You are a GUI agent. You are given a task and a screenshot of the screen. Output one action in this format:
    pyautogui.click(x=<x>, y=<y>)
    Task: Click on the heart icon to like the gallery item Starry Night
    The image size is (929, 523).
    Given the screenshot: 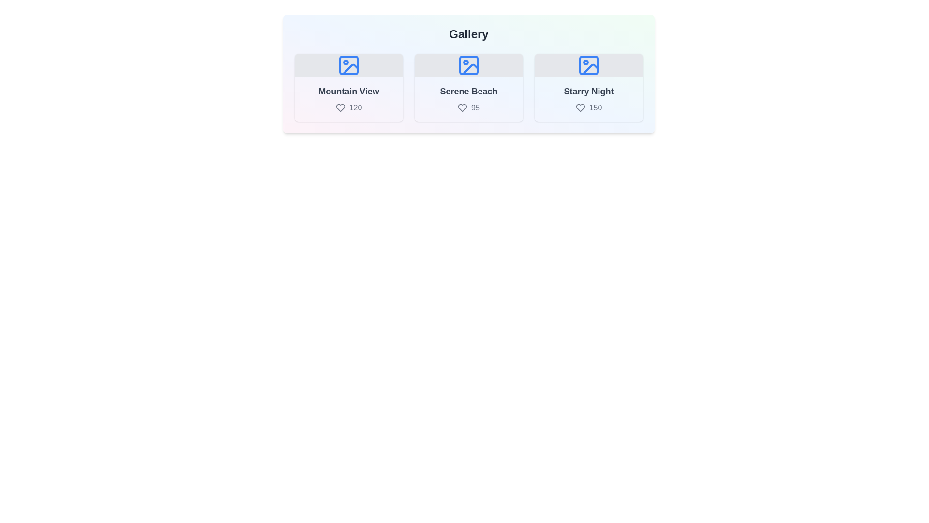 What is the action you would take?
    pyautogui.click(x=580, y=108)
    